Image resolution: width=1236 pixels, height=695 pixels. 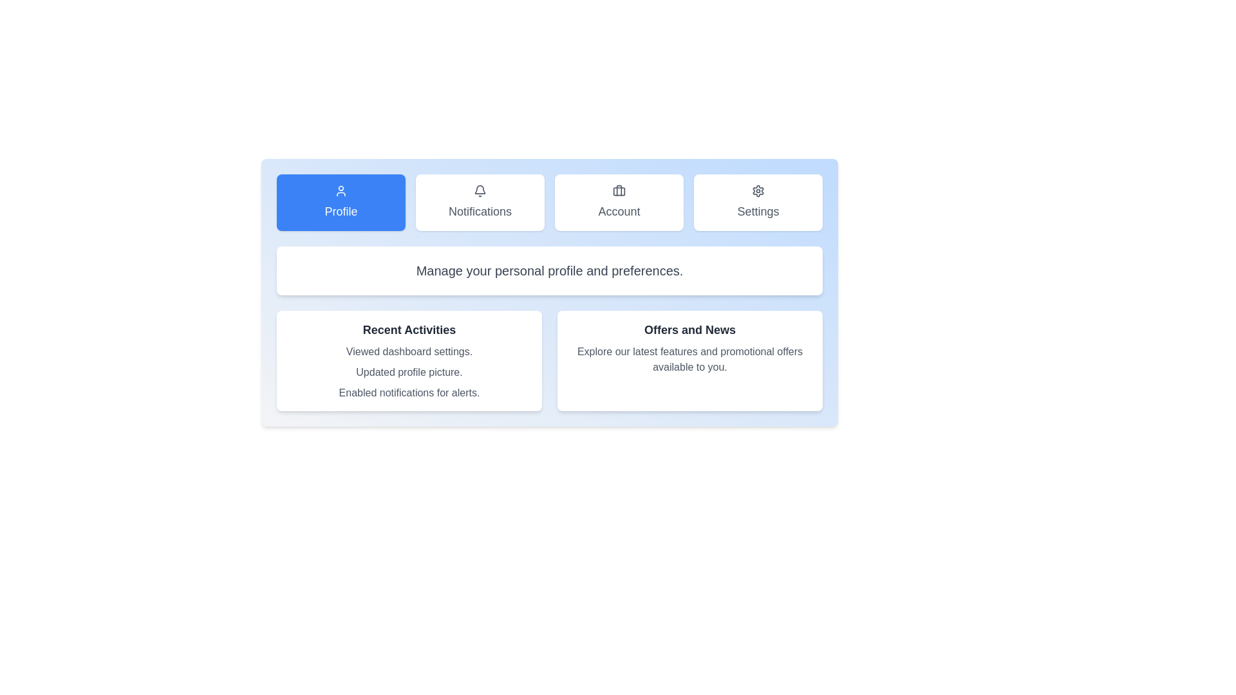 I want to click on the text block styled with a gray font color reading 'Explore our latest features and promotional offers available to you.' located below the 'Offers and News' section for potential additional interactions, so click(x=689, y=360).